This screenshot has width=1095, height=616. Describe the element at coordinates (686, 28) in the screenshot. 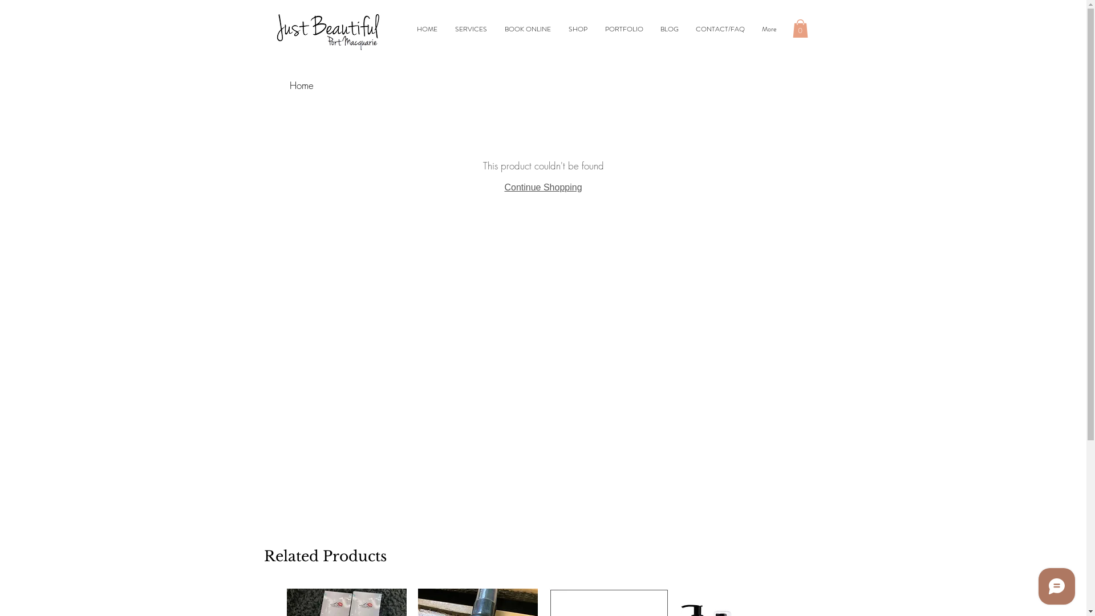

I see `'CONTACT/FAQ'` at that location.